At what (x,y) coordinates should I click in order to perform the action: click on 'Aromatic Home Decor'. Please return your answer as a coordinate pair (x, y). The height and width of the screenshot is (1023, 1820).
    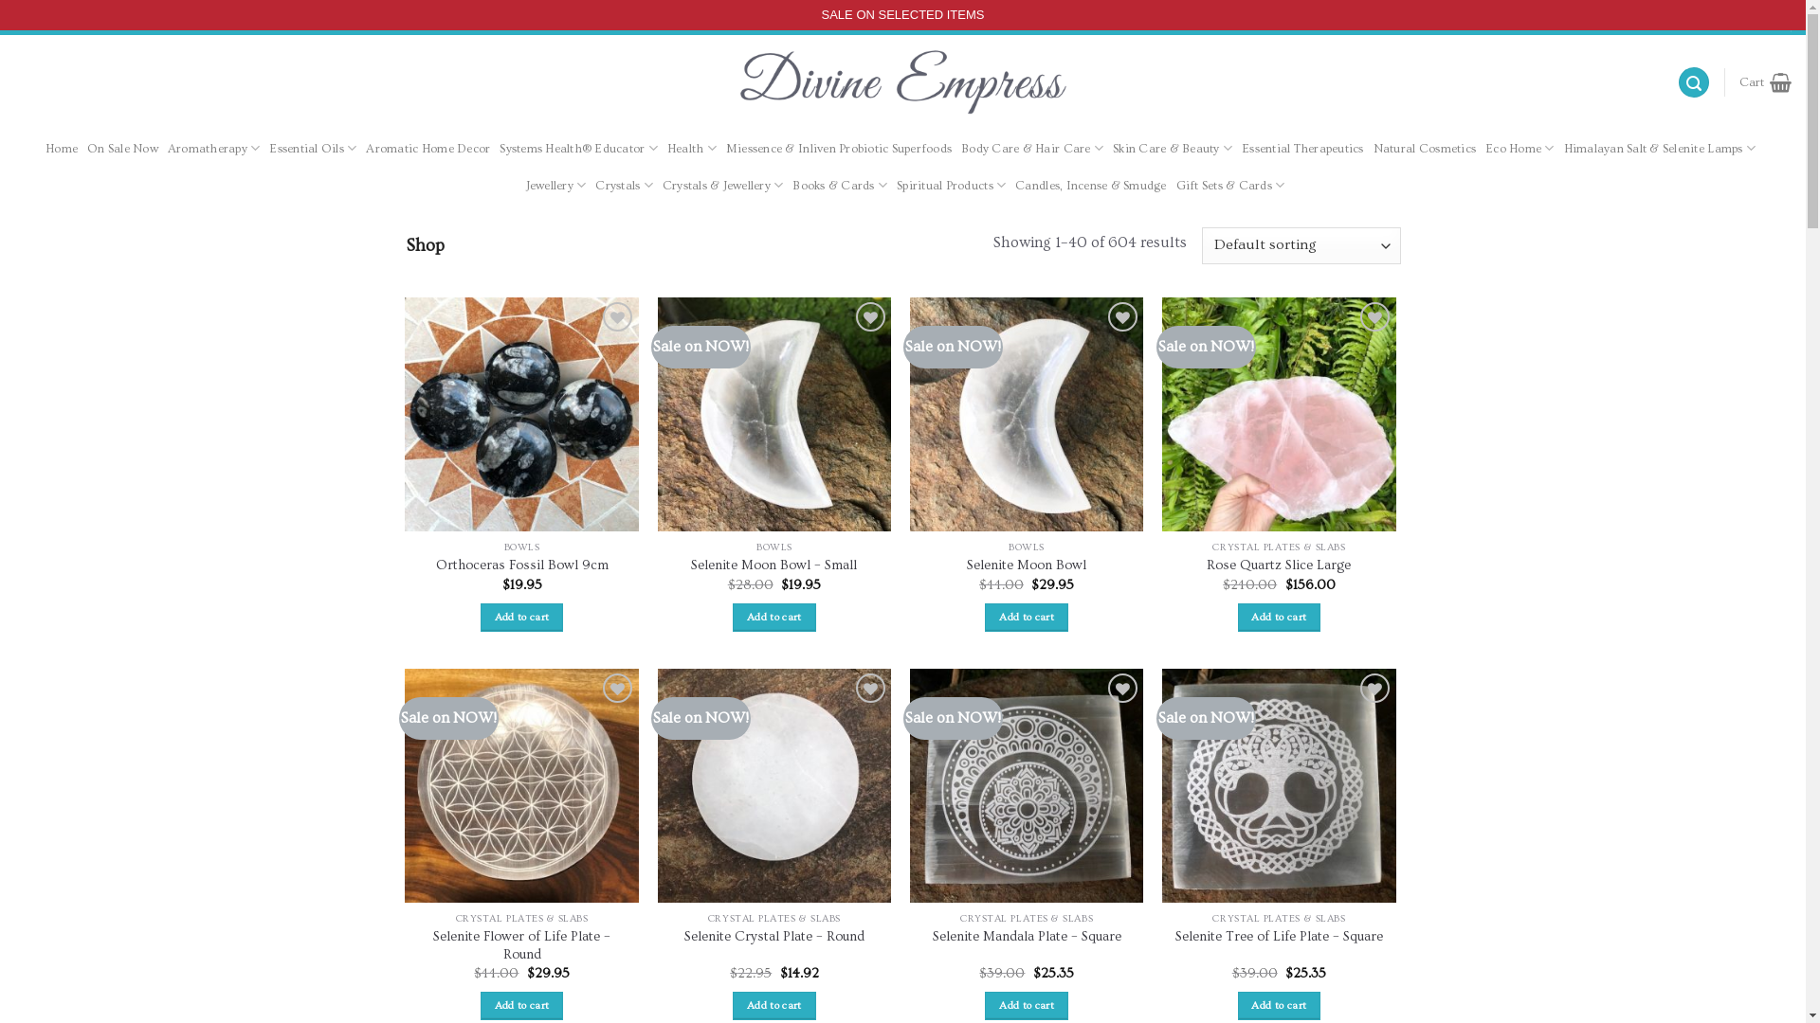
    Looking at the image, I should click on (427, 148).